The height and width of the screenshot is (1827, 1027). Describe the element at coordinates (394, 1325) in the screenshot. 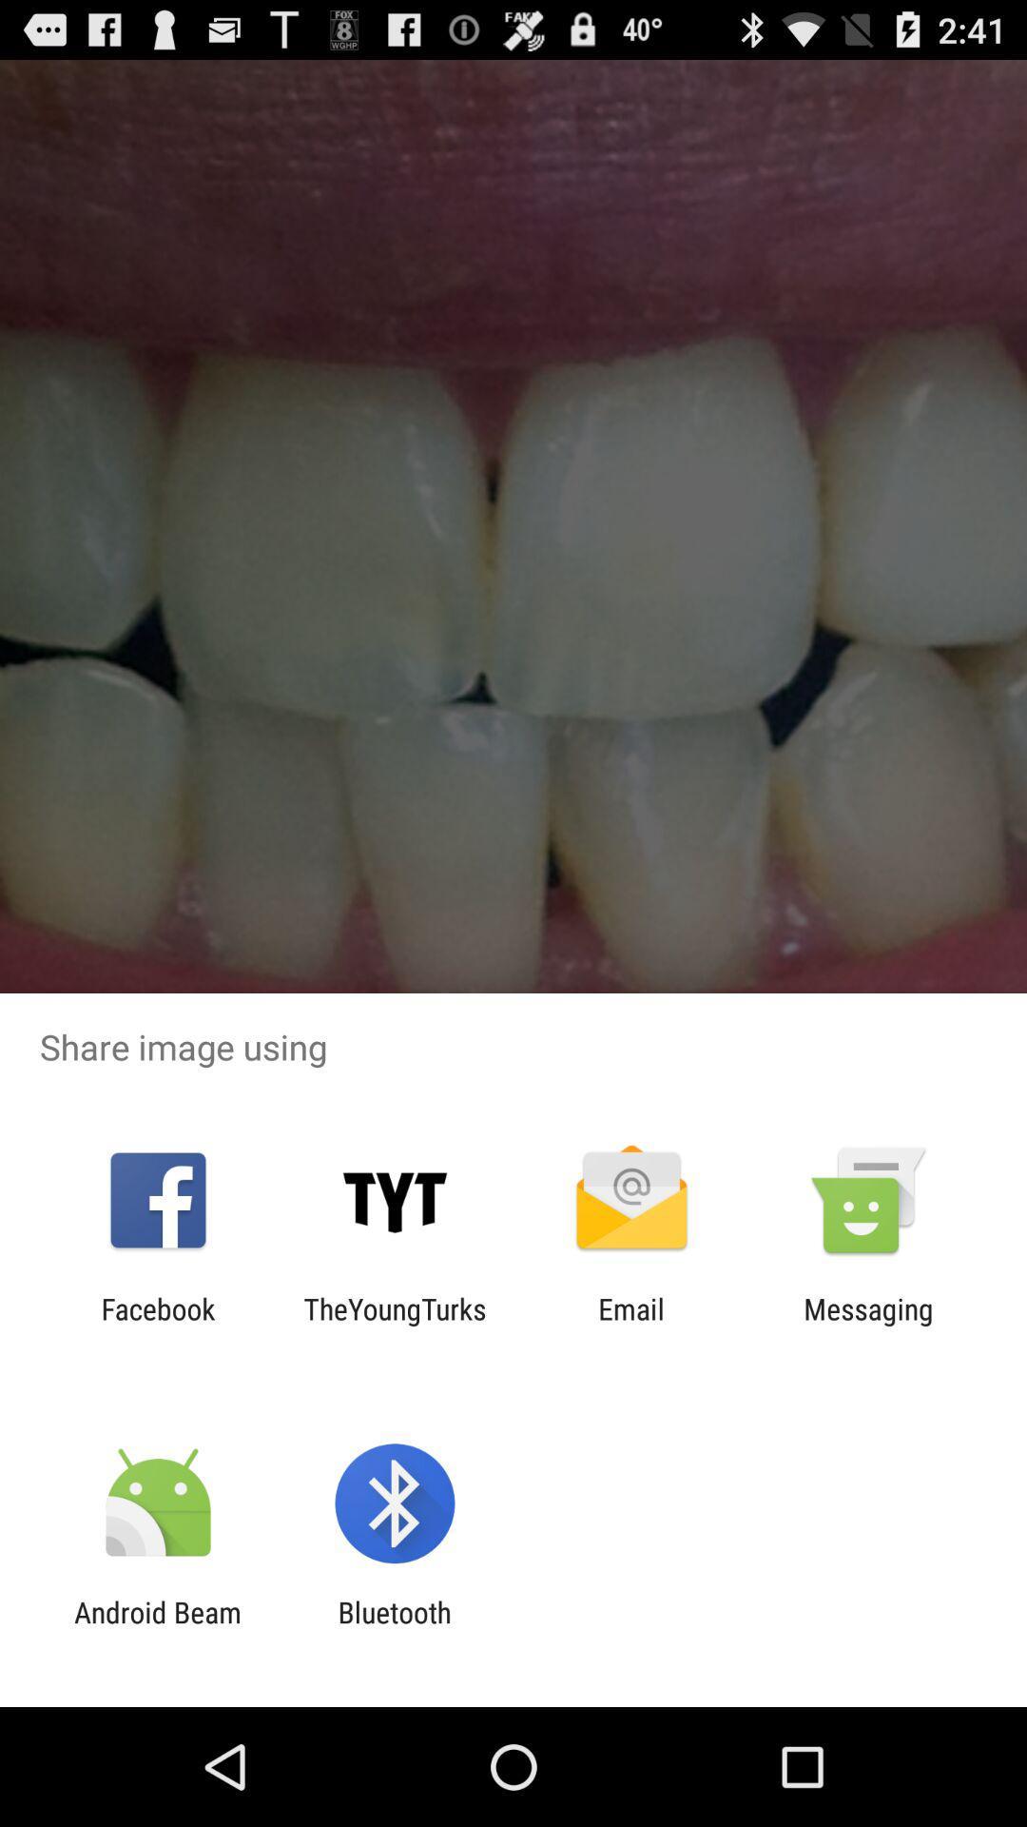

I see `the theyoungturks item` at that location.